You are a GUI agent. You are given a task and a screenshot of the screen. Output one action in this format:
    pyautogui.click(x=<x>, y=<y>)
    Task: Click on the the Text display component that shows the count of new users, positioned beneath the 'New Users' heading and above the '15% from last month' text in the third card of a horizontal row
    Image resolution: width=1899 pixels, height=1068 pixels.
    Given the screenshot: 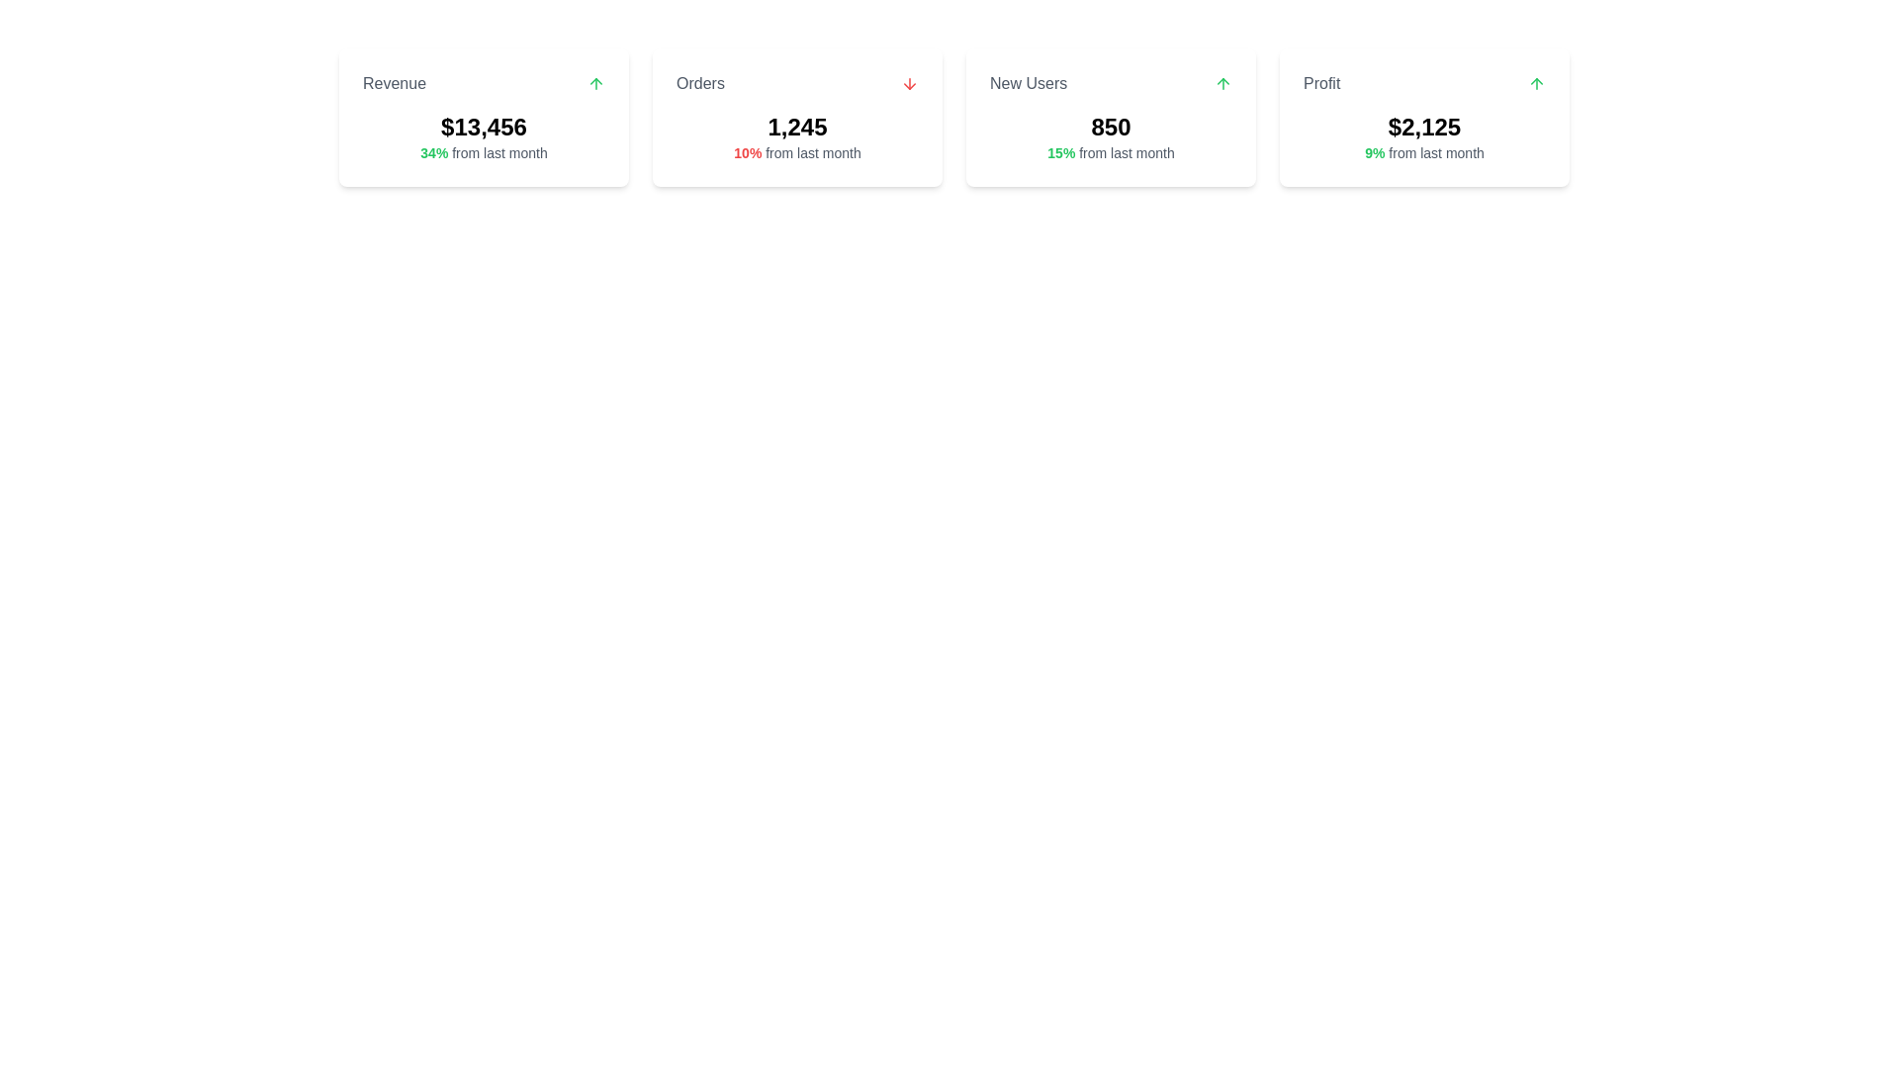 What is the action you would take?
    pyautogui.click(x=1111, y=127)
    